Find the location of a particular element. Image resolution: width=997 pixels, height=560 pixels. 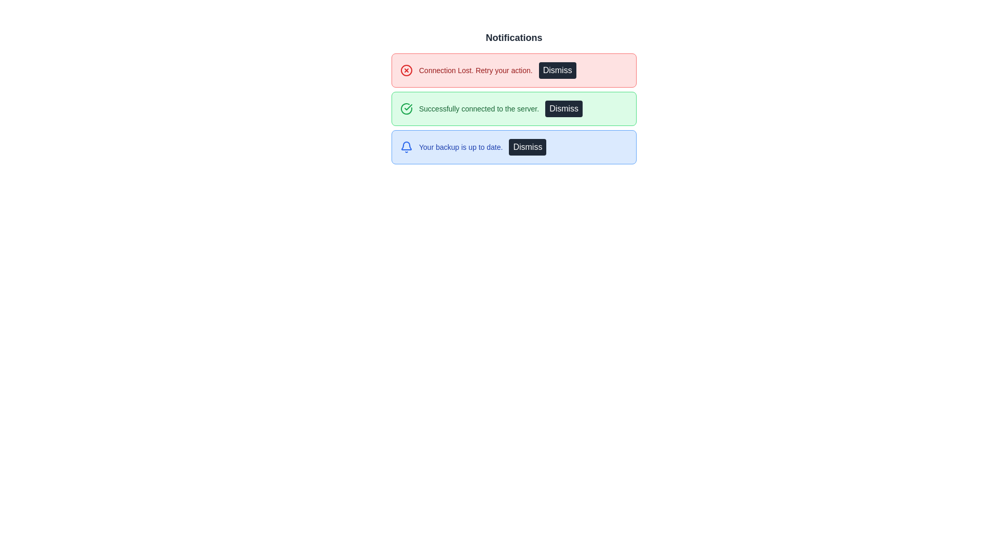

the 'Notifications' header, which is styled in bold, large dark gray font and positioned at the top of the notification section is located at coordinates (514, 37).